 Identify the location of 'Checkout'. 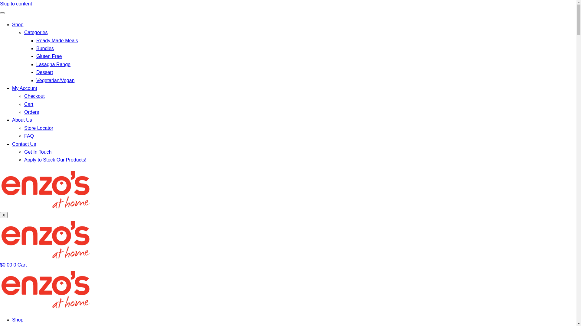
(34, 96).